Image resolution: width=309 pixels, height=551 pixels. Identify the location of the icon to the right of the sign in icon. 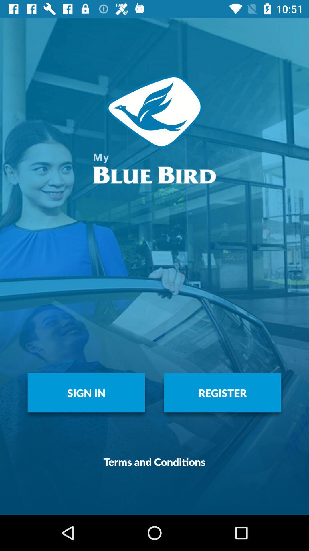
(222, 392).